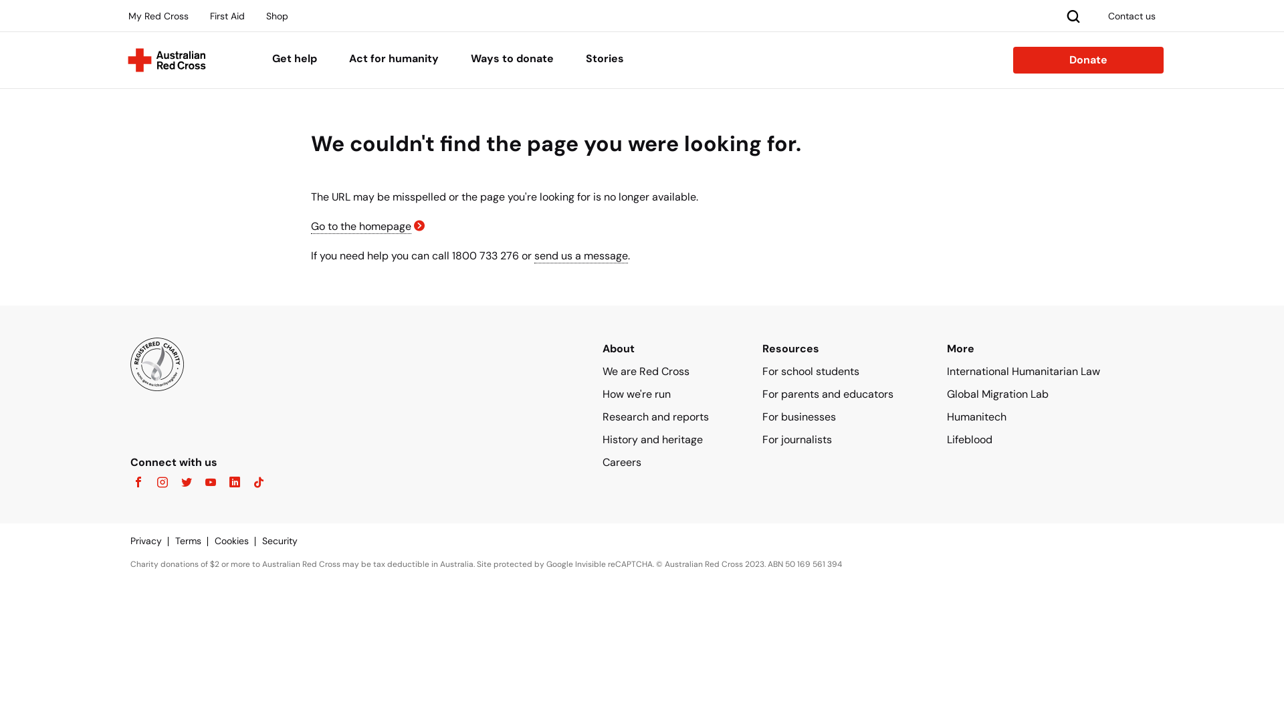  What do you see at coordinates (286, 540) in the screenshot?
I see `'Security'` at bounding box center [286, 540].